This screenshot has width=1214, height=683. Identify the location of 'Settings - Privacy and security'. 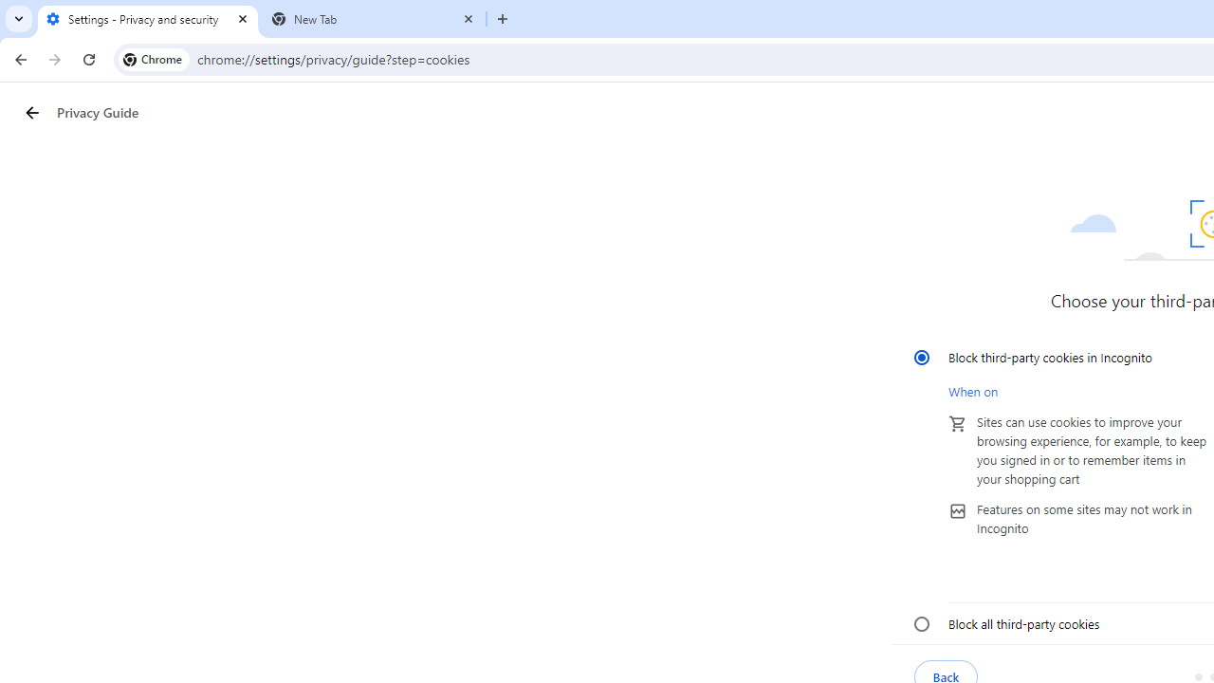
(147, 19).